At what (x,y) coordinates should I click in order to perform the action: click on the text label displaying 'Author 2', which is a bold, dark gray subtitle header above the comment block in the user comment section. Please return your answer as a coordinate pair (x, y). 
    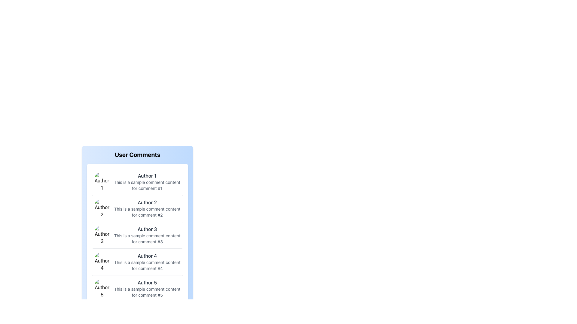
    Looking at the image, I should click on (147, 202).